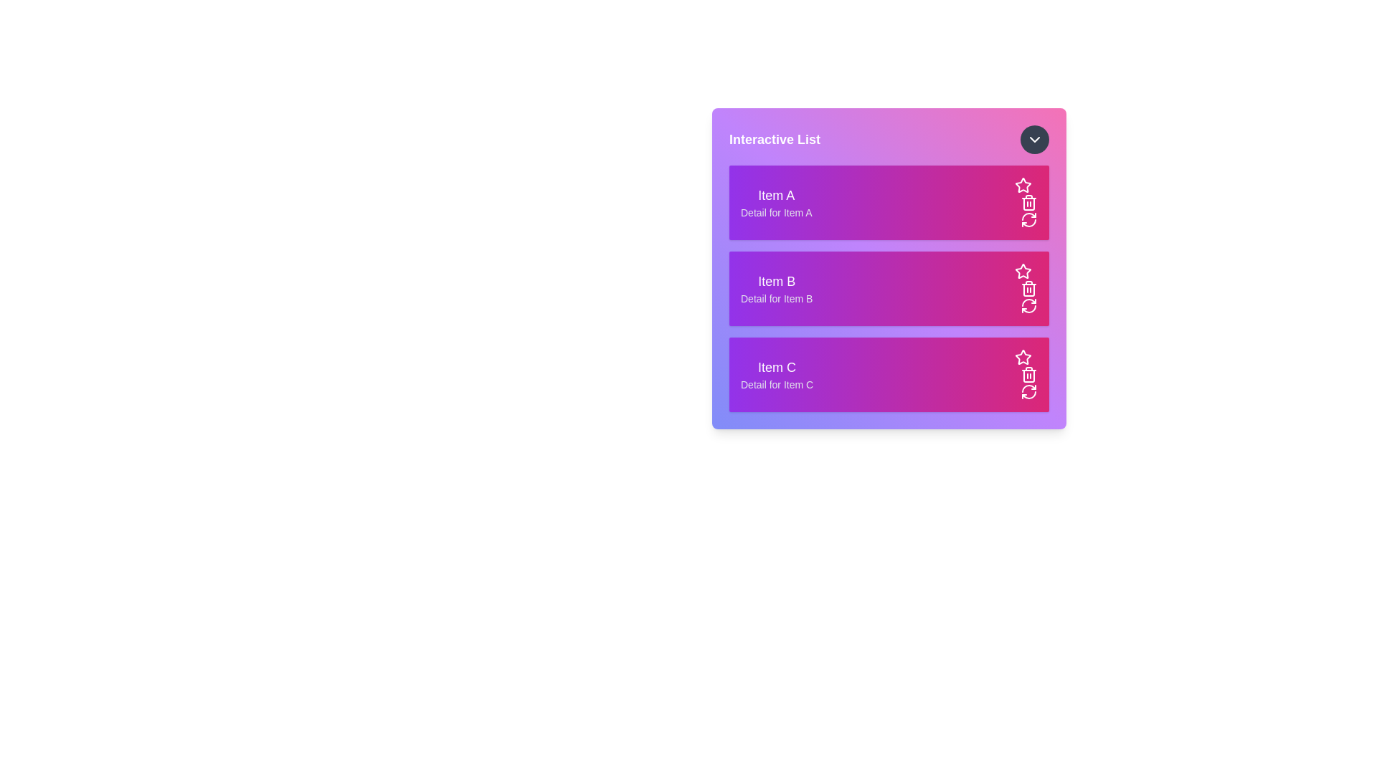 Image resolution: width=1377 pixels, height=774 pixels. Describe the element at coordinates (1022, 356) in the screenshot. I see `the star icon for Item C to mark it as favorite` at that location.